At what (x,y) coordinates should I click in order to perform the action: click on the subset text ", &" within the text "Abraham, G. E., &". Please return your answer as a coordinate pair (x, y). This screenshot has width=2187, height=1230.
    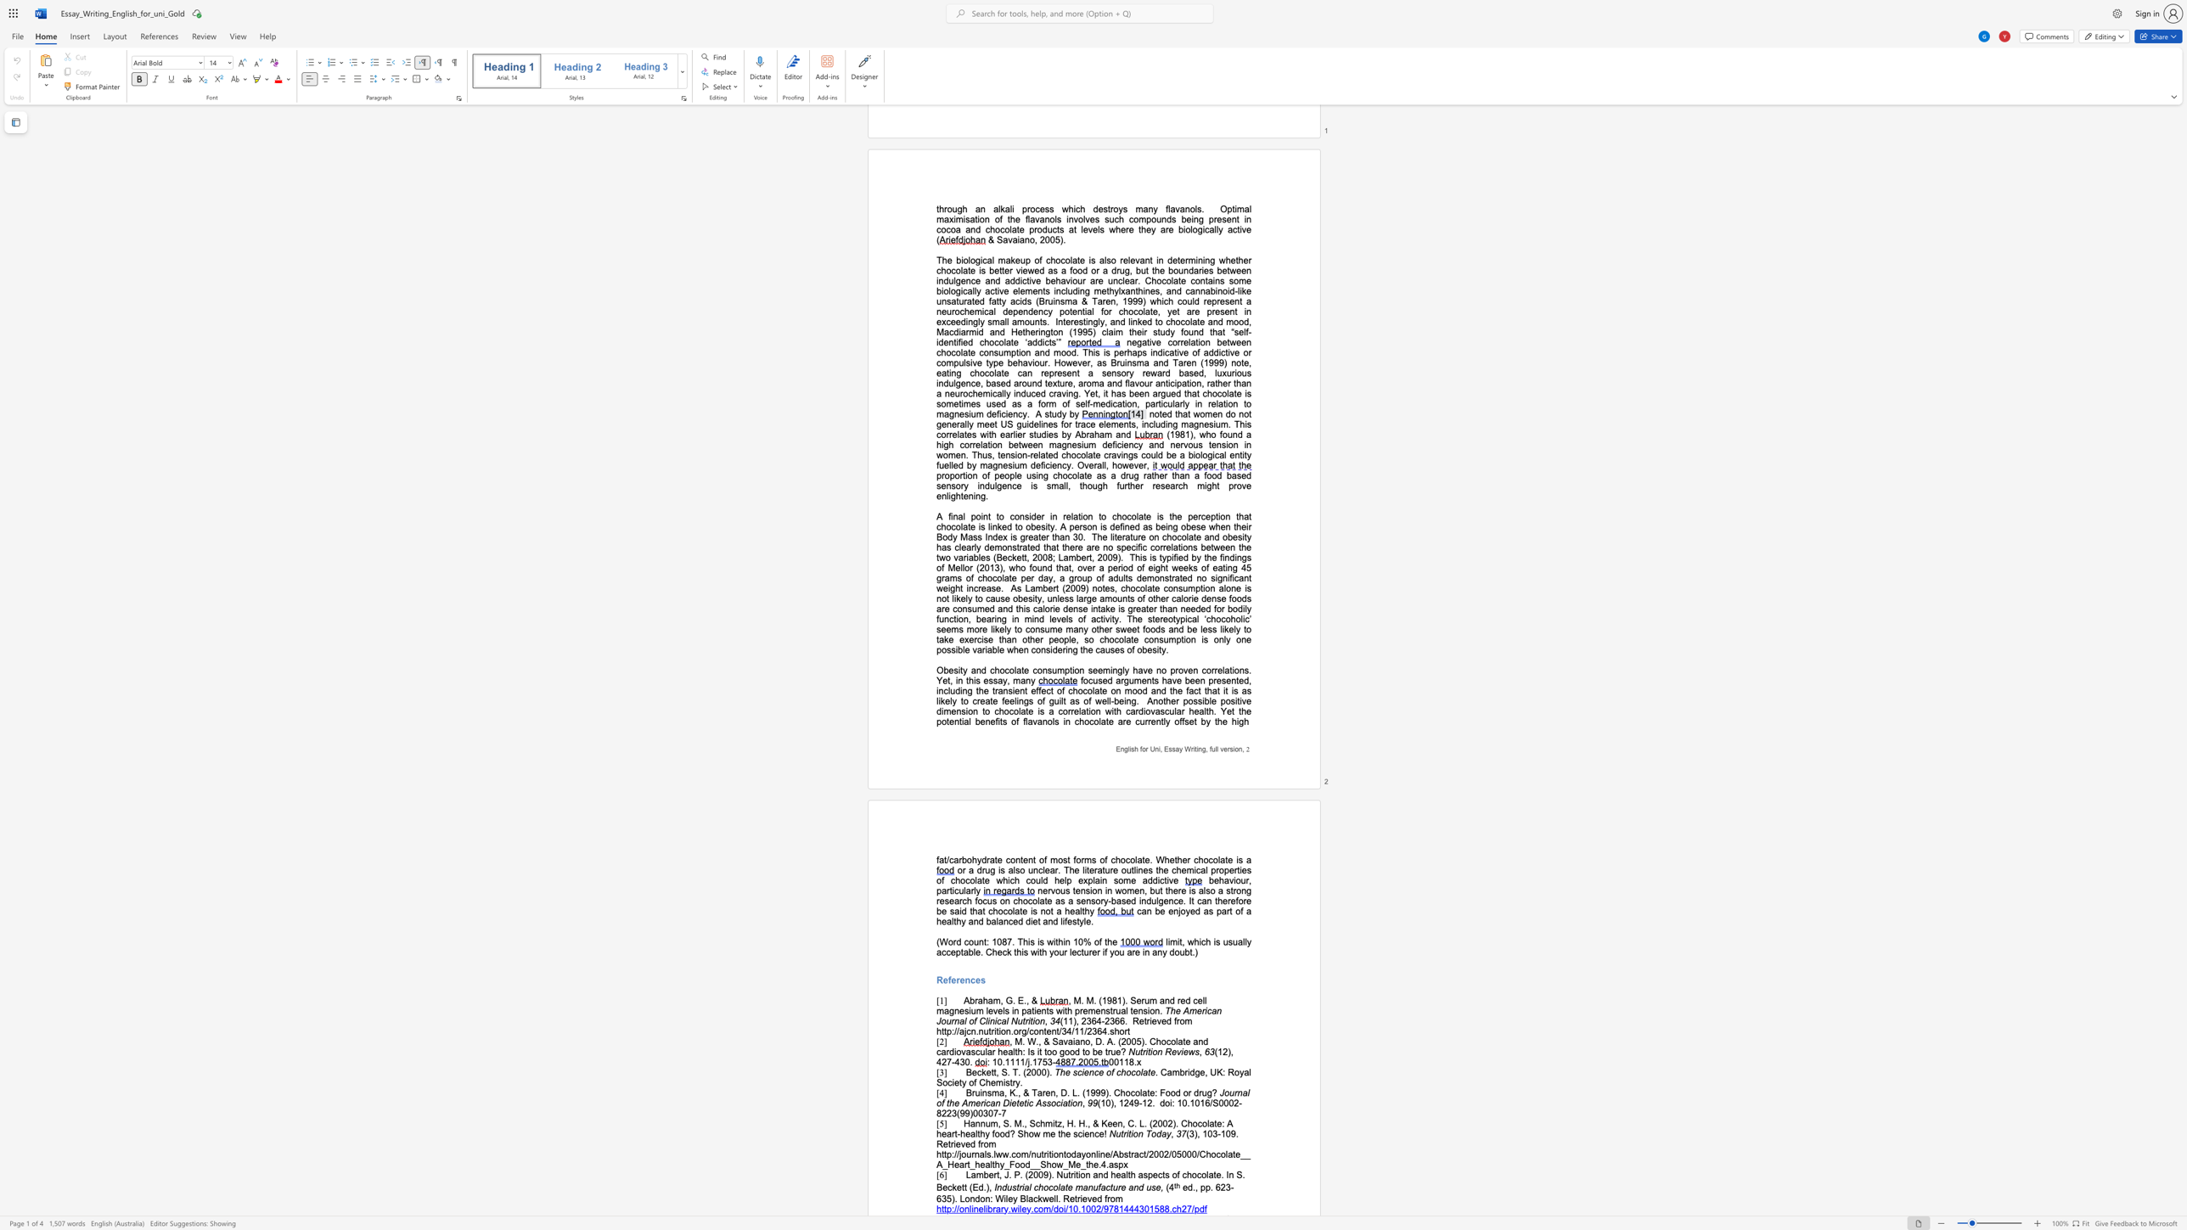
    Looking at the image, I should click on (1026, 1000).